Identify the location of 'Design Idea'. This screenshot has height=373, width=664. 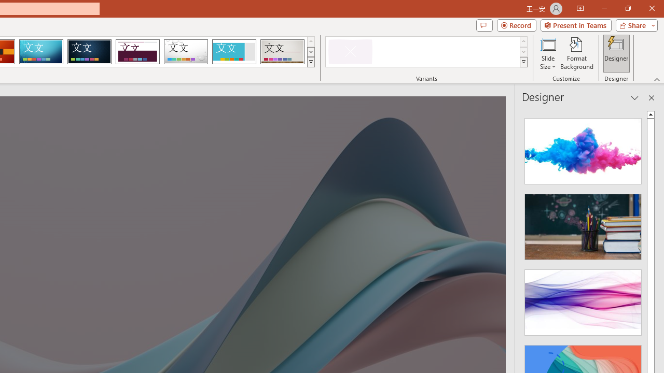
(583, 299).